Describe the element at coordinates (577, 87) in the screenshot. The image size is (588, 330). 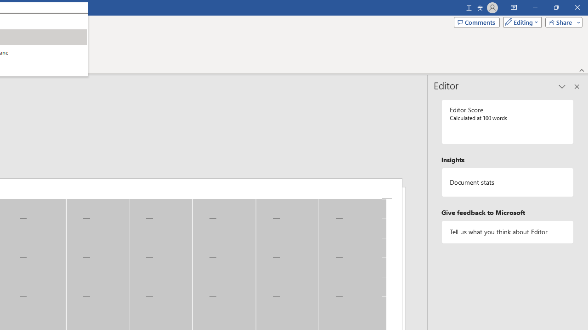
I see `'Close pane'` at that location.